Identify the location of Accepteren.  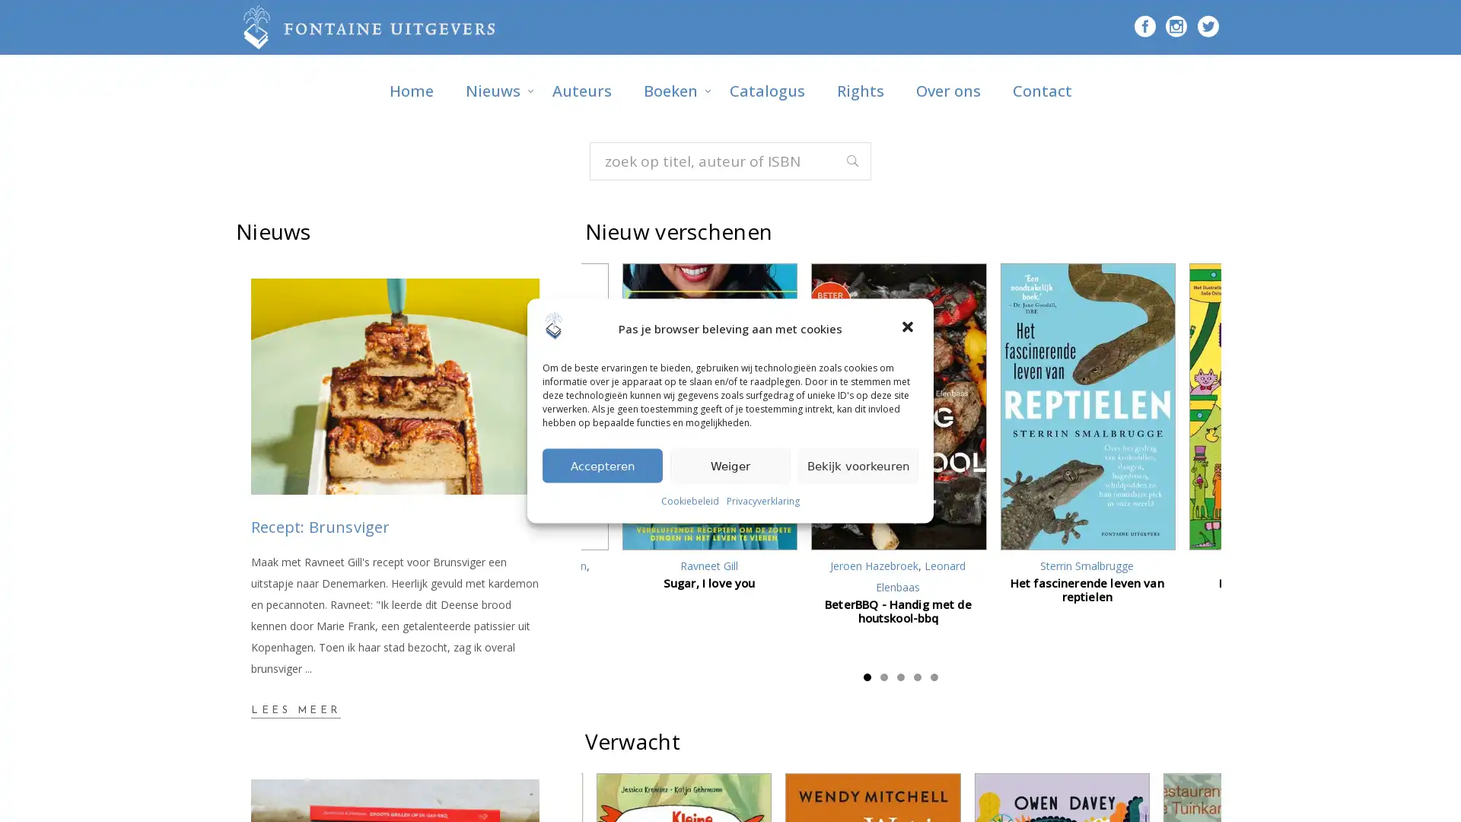
(602, 464).